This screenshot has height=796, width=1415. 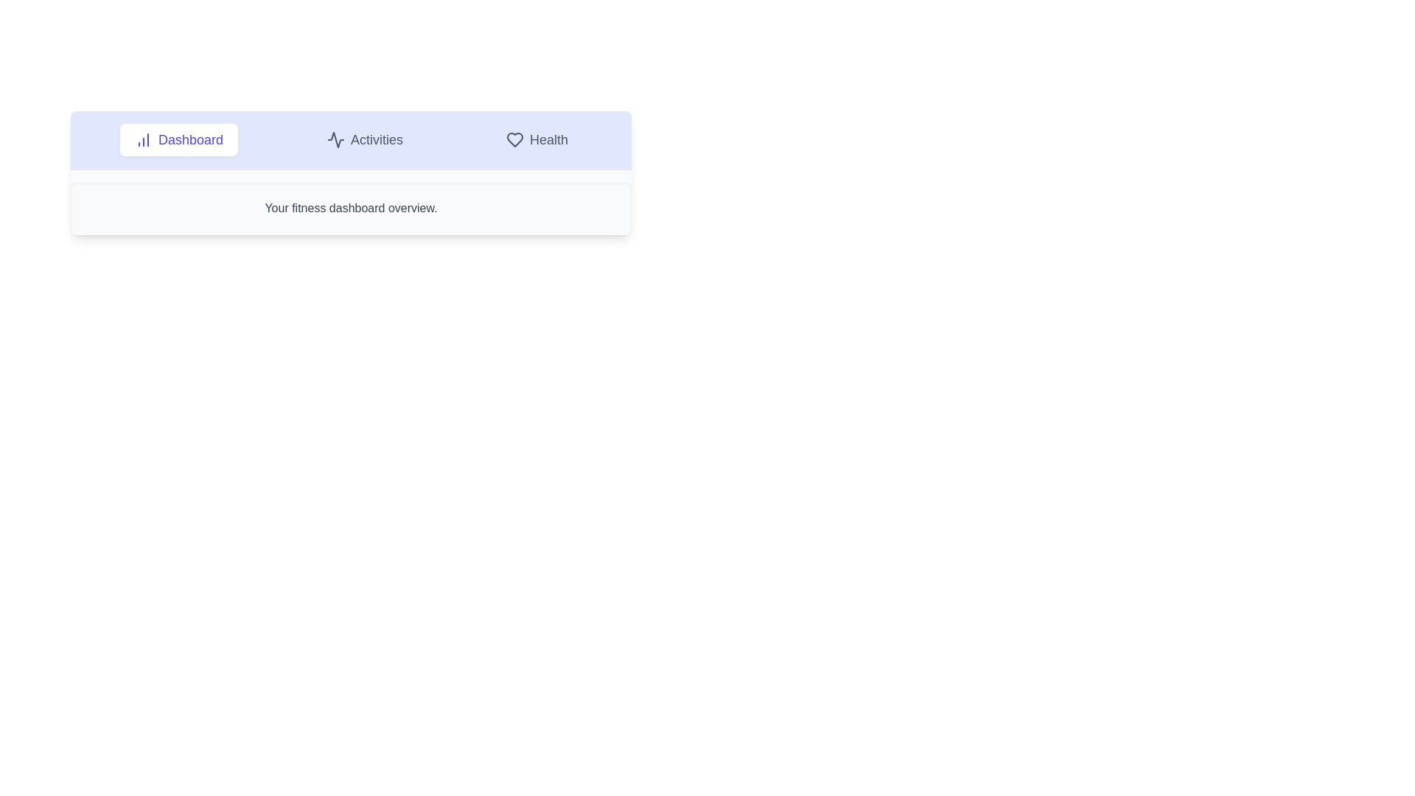 What do you see at coordinates (178, 139) in the screenshot?
I see `the Dashboard tab to view its content` at bounding box center [178, 139].